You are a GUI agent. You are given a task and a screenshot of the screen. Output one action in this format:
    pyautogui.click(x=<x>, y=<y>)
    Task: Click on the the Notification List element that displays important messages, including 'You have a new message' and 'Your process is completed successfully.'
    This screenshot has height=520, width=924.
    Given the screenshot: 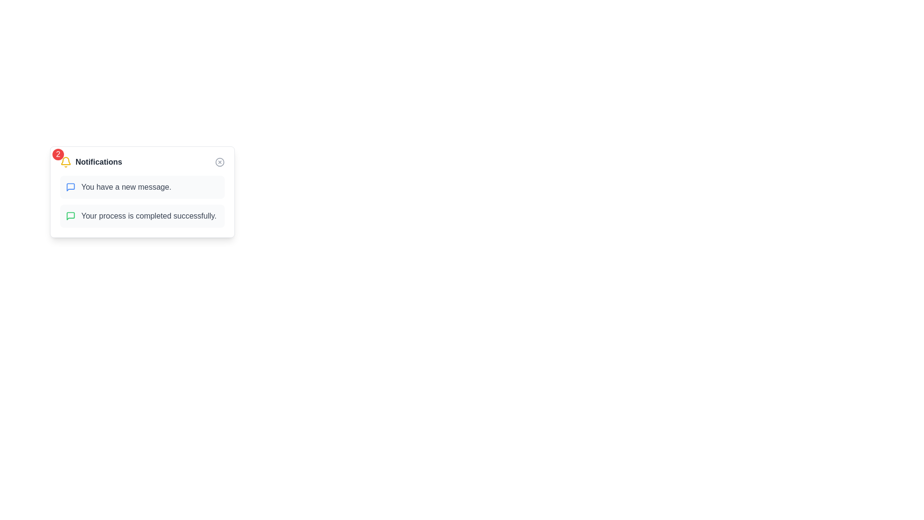 What is the action you would take?
    pyautogui.click(x=142, y=201)
    